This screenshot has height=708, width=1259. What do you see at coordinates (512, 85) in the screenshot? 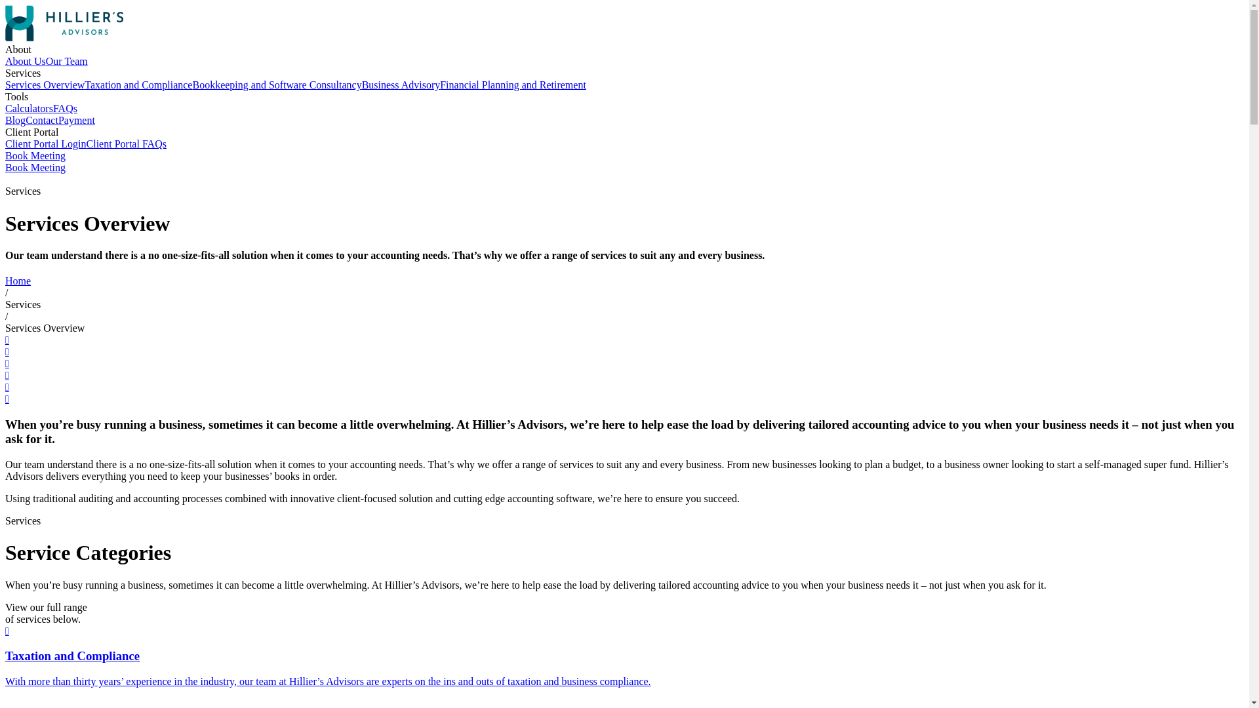
I see `'Financial Planning and Retirement'` at bounding box center [512, 85].